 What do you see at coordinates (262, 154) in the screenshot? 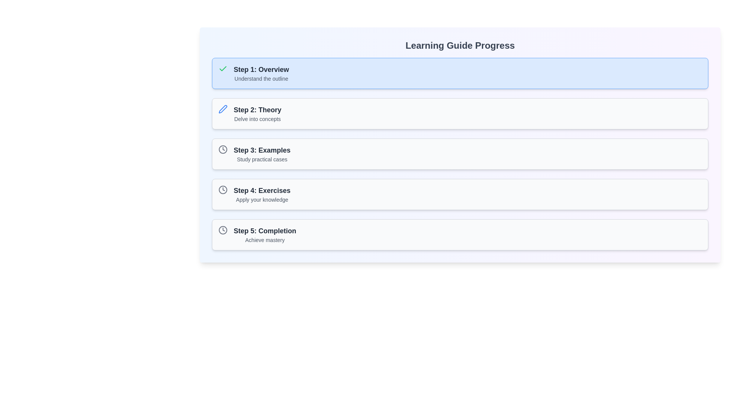
I see `the text element styled as 'Step 3: Examples' which is the third item in a vertical list of steps, located within a distinct card with a gray background` at bounding box center [262, 154].